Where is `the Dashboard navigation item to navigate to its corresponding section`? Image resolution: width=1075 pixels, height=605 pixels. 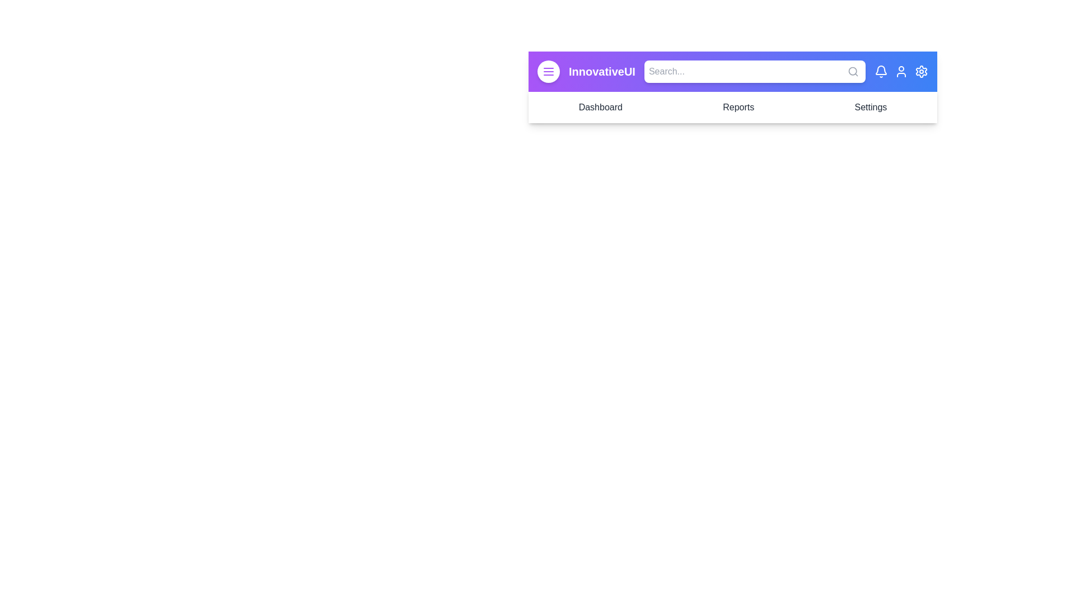
the Dashboard navigation item to navigate to its corresponding section is located at coordinates (599, 108).